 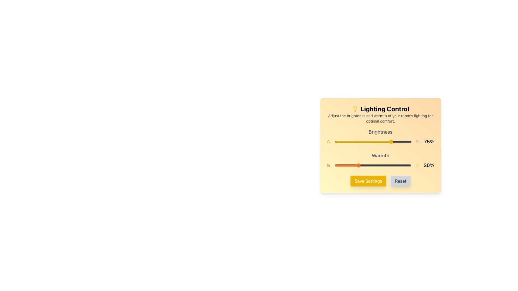 What do you see at coordinates (342, 141) in the screenshot?
I see `the brightness` at bounding box center [342, 141].